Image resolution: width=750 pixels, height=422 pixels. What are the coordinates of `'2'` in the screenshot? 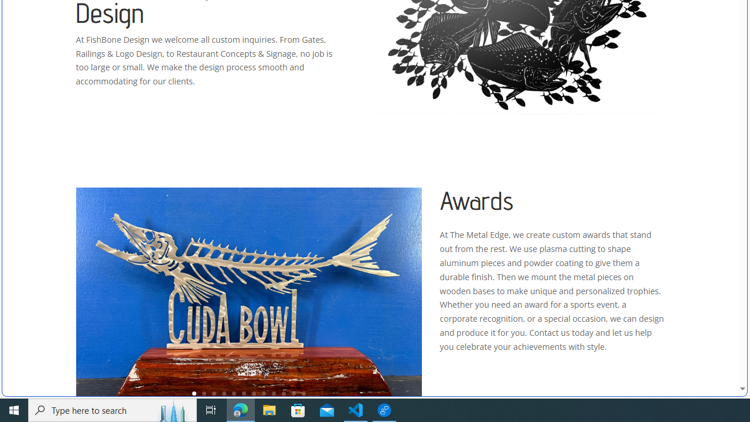 It's located at (204, 393).